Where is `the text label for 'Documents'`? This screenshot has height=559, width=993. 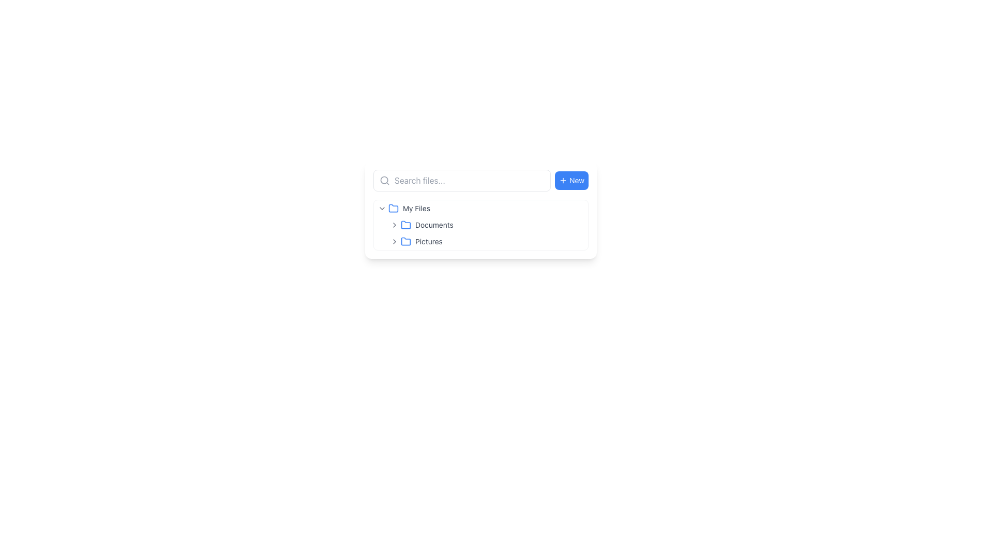 the text label for 'Documents' is located at coordinates (434, 225).